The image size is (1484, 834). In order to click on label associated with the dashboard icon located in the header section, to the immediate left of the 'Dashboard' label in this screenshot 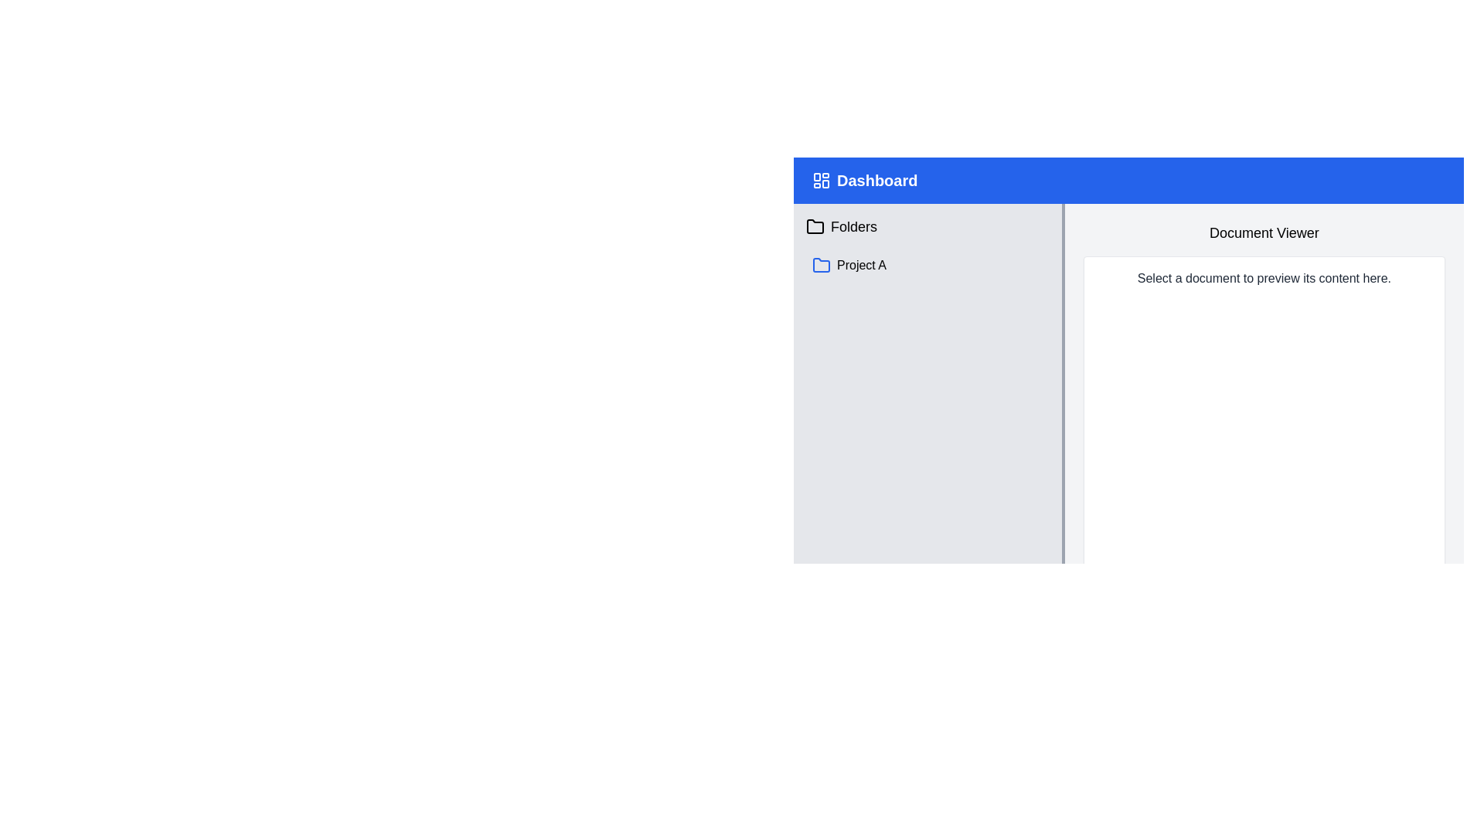, I will do `click(820, 180)`.